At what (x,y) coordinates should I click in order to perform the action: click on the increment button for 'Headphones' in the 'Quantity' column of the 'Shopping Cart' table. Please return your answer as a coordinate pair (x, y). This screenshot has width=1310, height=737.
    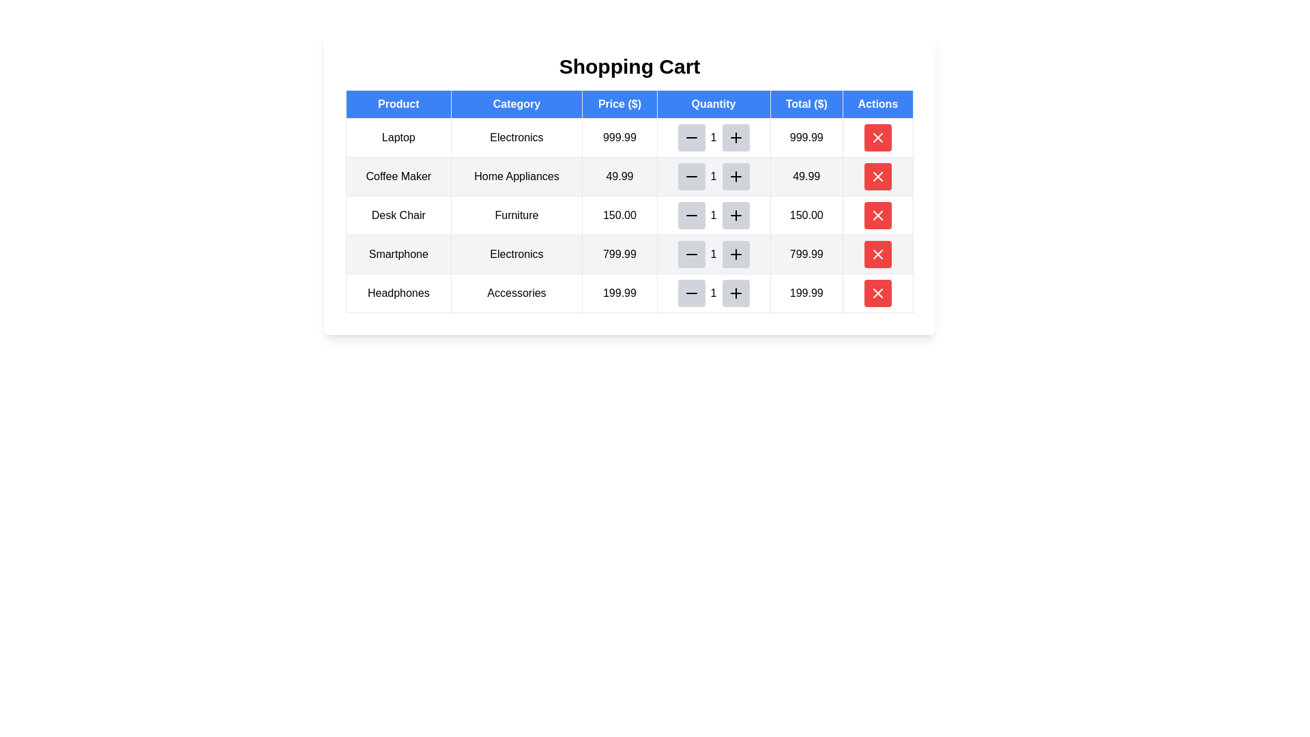
    Looking at the image, I should click on (735, 292).